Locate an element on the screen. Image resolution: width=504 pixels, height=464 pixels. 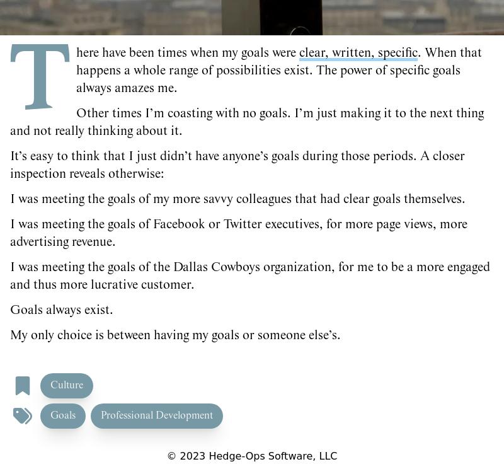
'Culture' is located at coordinates (66, 385).